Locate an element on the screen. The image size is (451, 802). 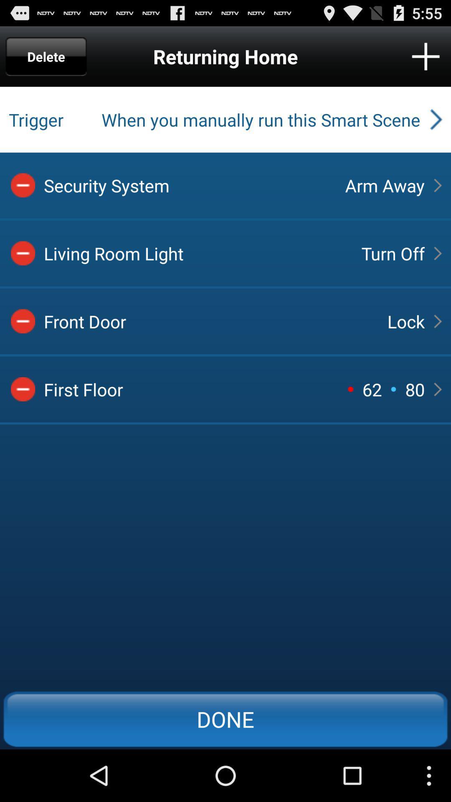
stay connected is located at coordinates (426, 56).